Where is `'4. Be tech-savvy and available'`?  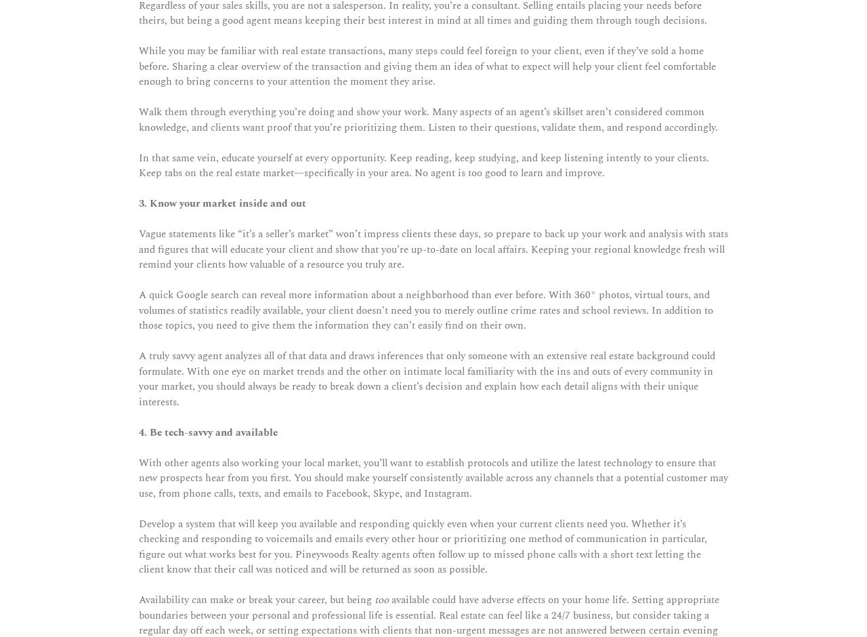 '4. Be tech-savvy and available' is located at coordinates (207, 432).